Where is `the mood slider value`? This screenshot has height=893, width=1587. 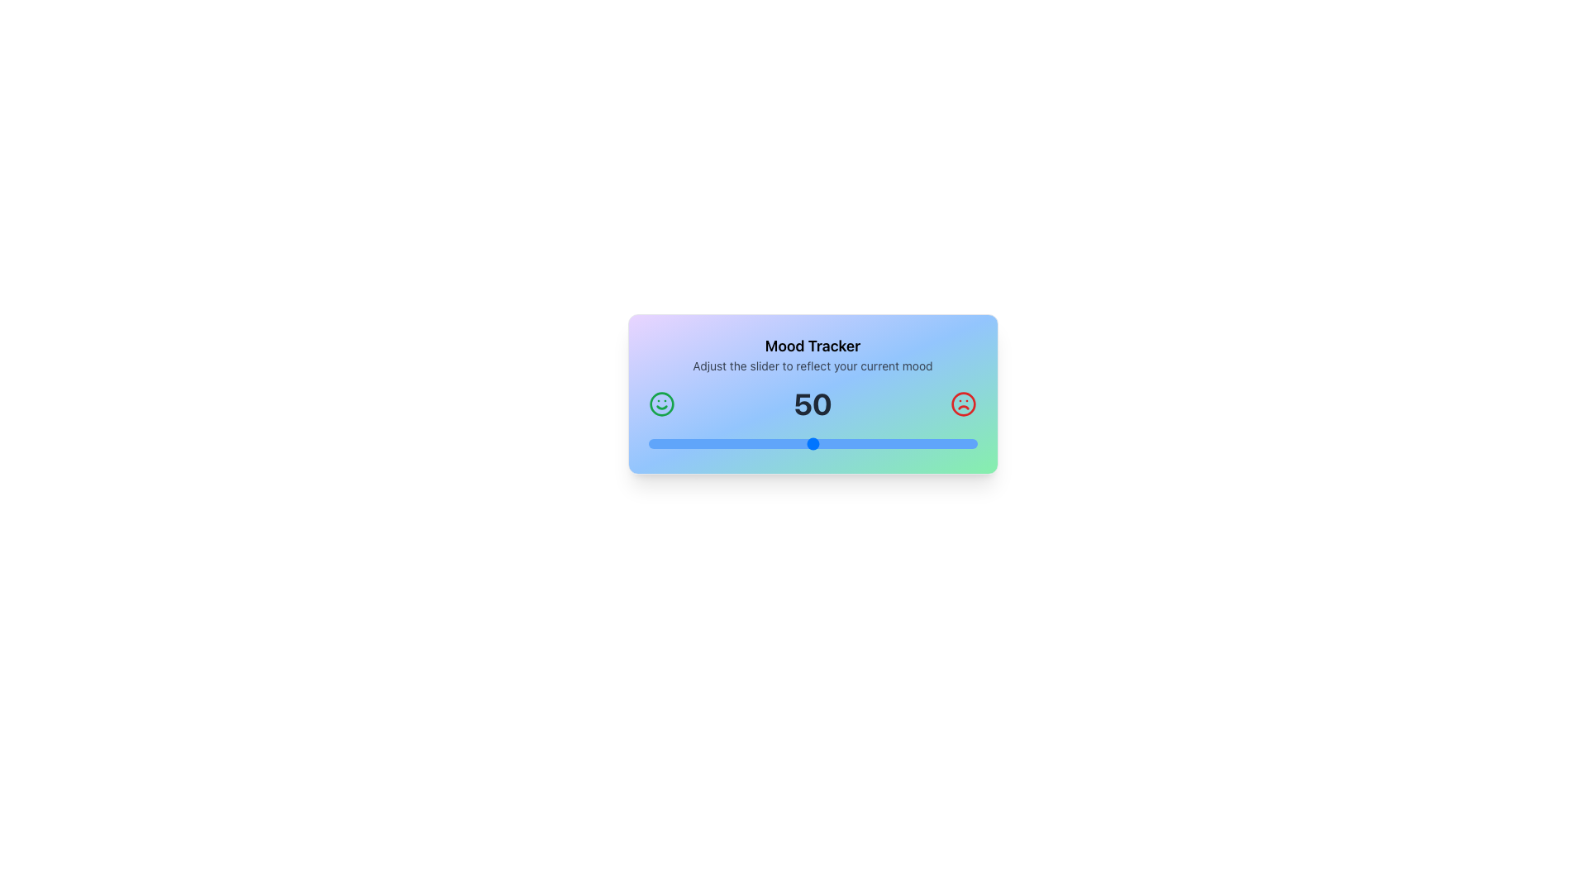 the mood slider value is located at coordinates (772, 442).